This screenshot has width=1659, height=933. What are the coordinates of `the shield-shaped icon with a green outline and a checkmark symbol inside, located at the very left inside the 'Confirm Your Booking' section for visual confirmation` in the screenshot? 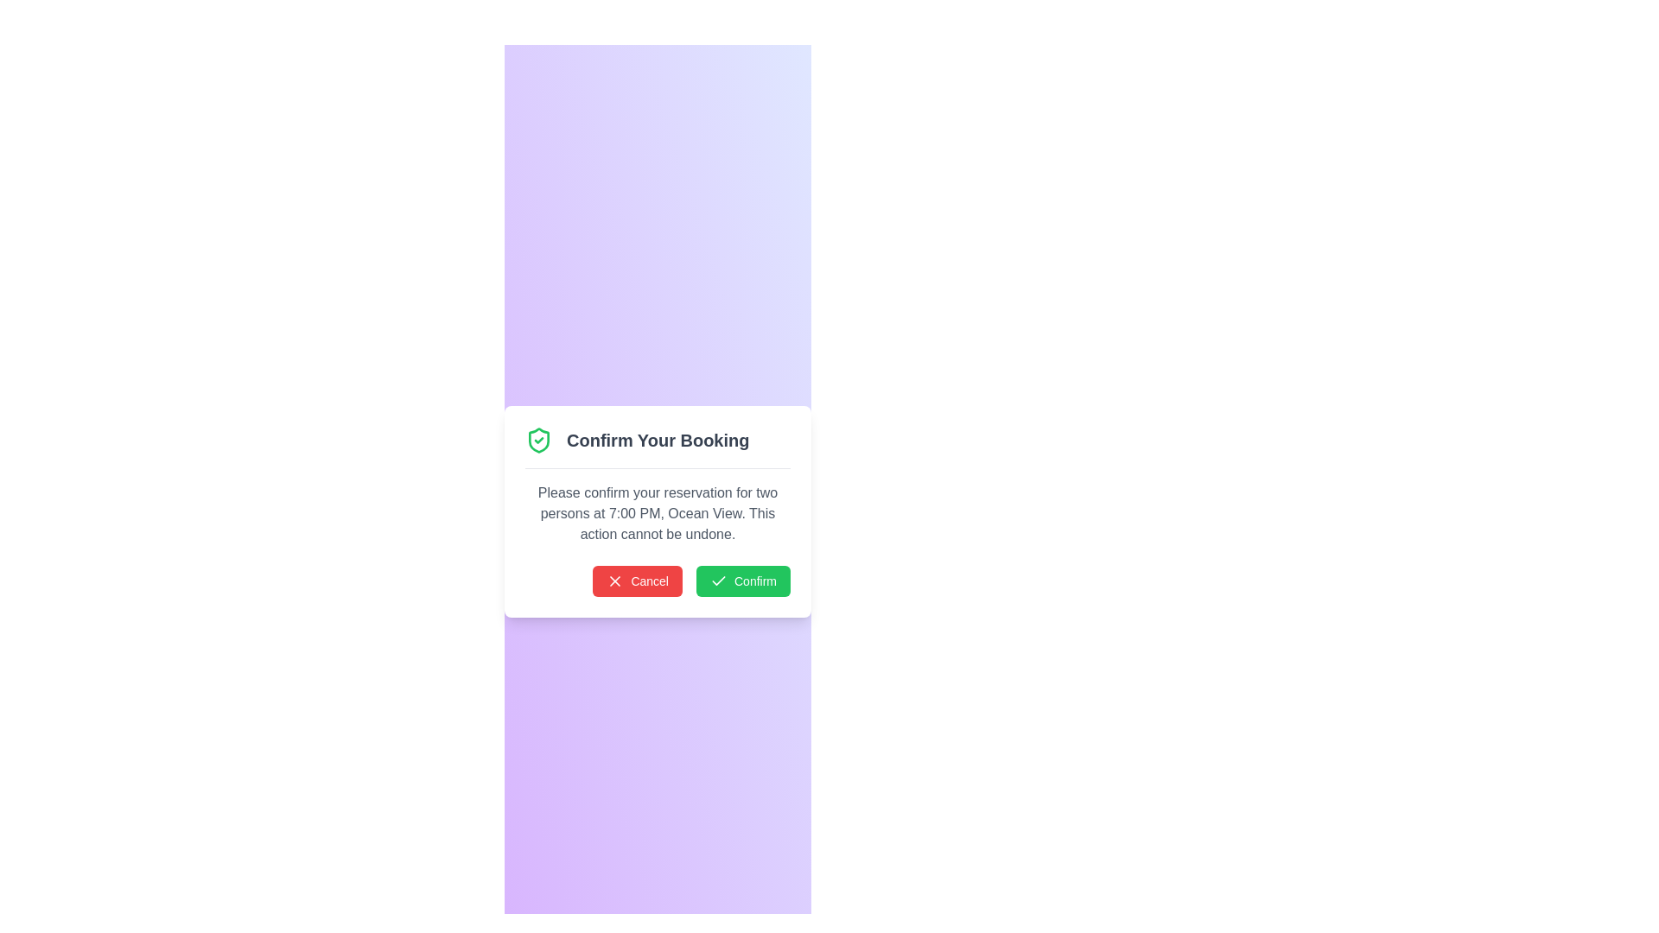 It's located at (538, 439).